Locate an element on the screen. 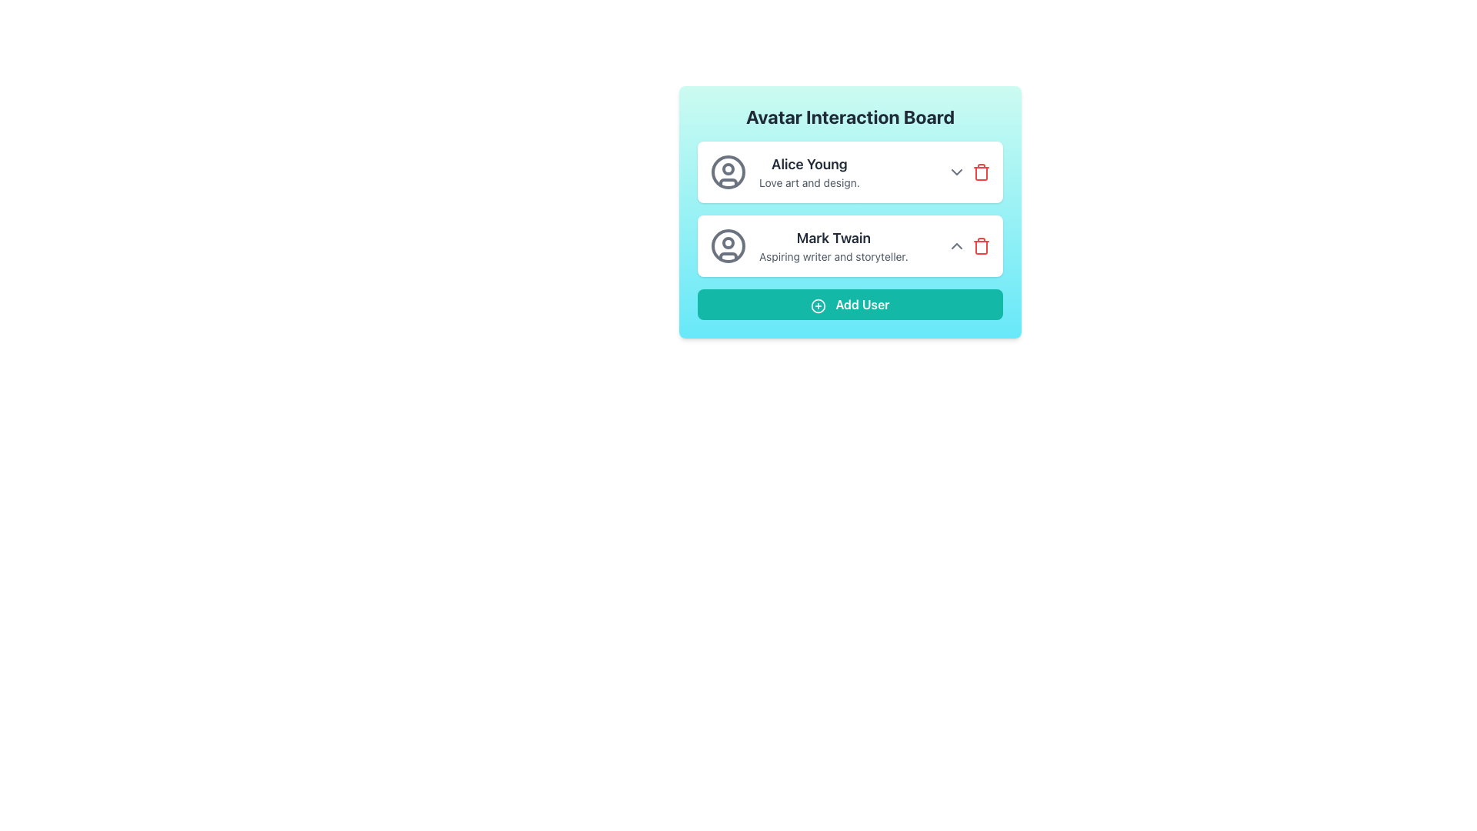 This screenshot has height=831, width=1477. the small filled circle that is part of the avatar icon for the user 'Mark Twain' is located at coordinates (727, 242).